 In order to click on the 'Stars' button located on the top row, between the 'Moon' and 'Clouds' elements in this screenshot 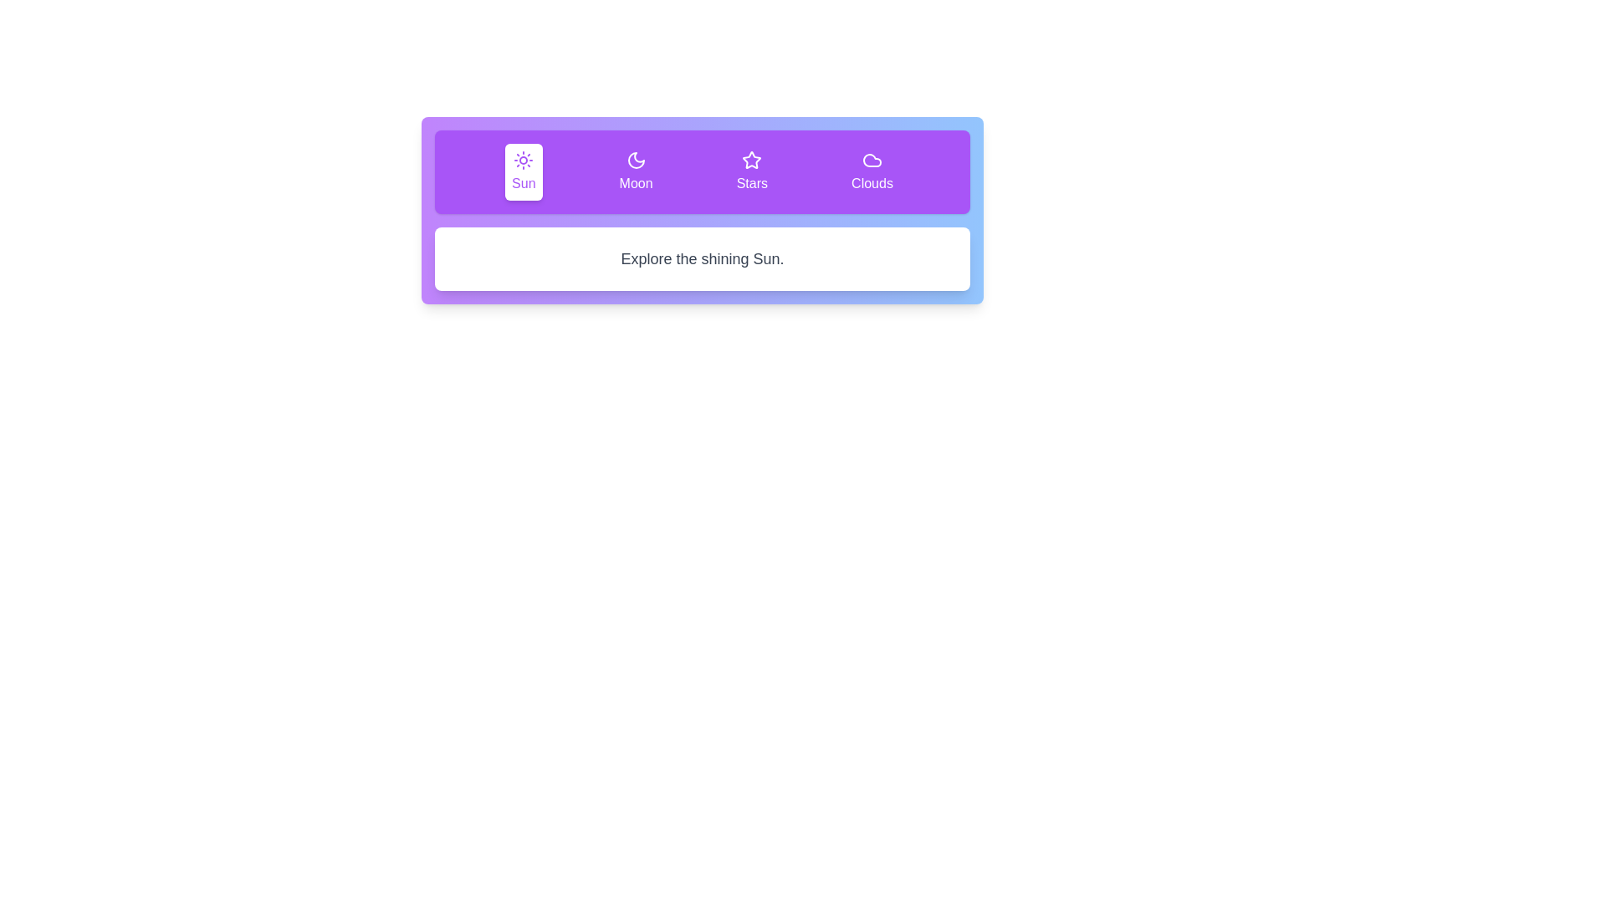, I will do `click(751, 171)`.